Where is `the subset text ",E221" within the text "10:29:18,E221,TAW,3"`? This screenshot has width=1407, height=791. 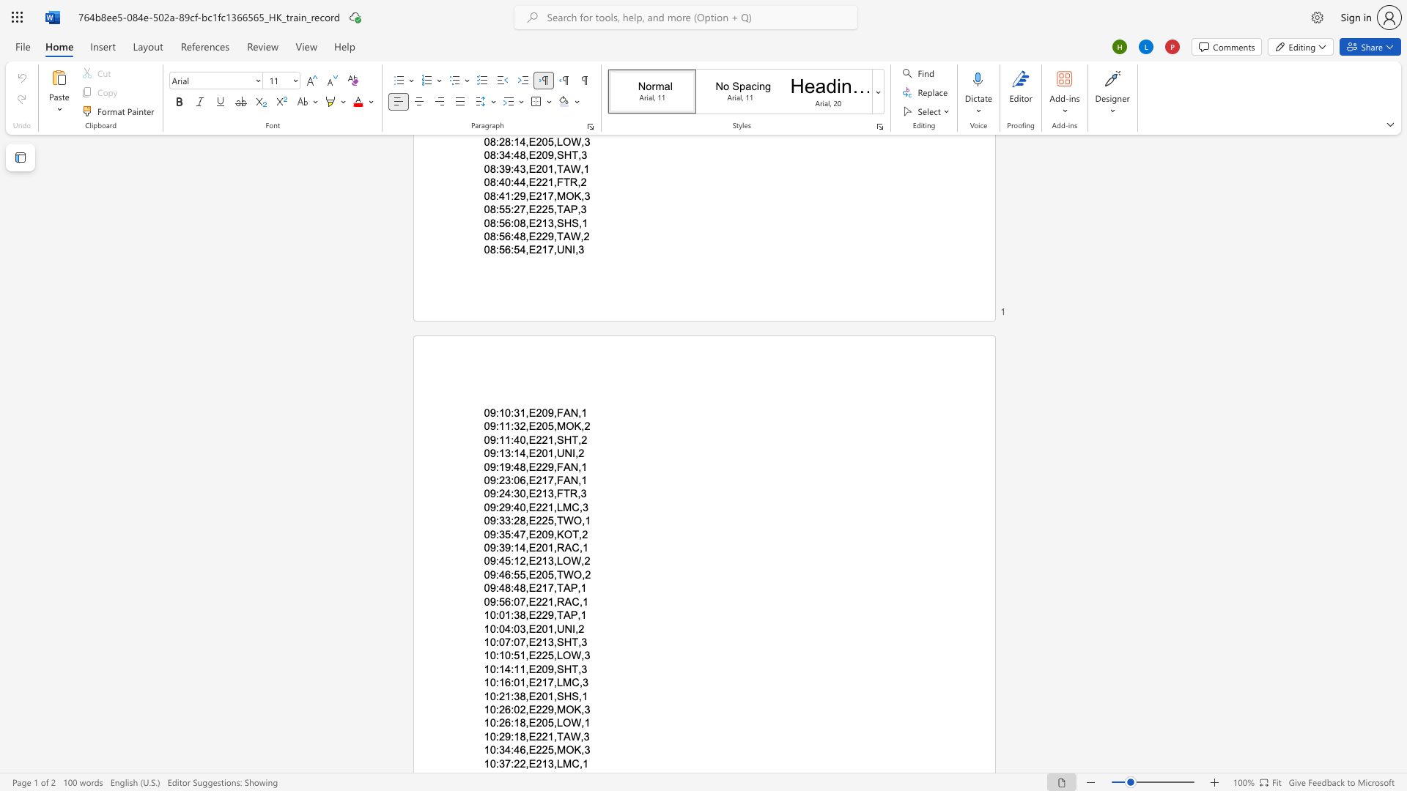 the subset text ",E221" within the text "10:29:18,E221,TAW,3" is located at coordinates (525, 736).